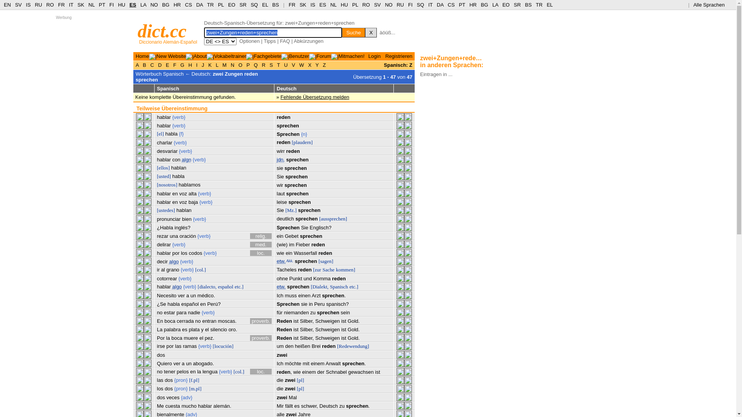 The image size is (742, 417). Describe the element at coordinates (282, 278) in the screenshot. I see `'ohne'` at that location.